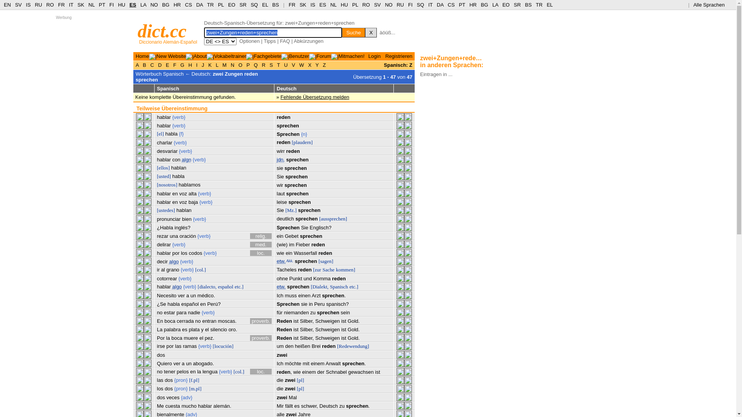 The image size is (742, 417). Describe the element at coordinates (282, 278) in the screenshot. I see `'ohne'` at that location.